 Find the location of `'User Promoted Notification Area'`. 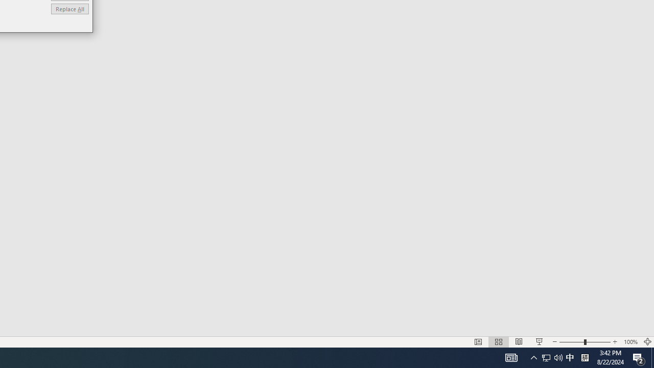

'User Promoted Notification Area' is located at coordinates (551, 357).